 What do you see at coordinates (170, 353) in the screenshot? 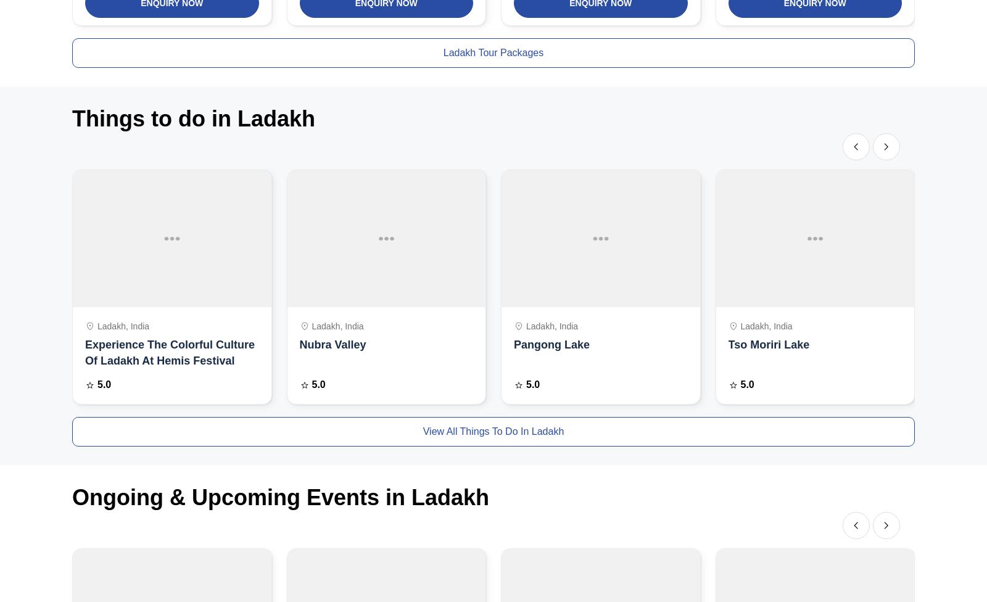
I see `'Experience The Colorful Culture Of Ladakh At Hemis Festival'` at bounding box center [170, 353].